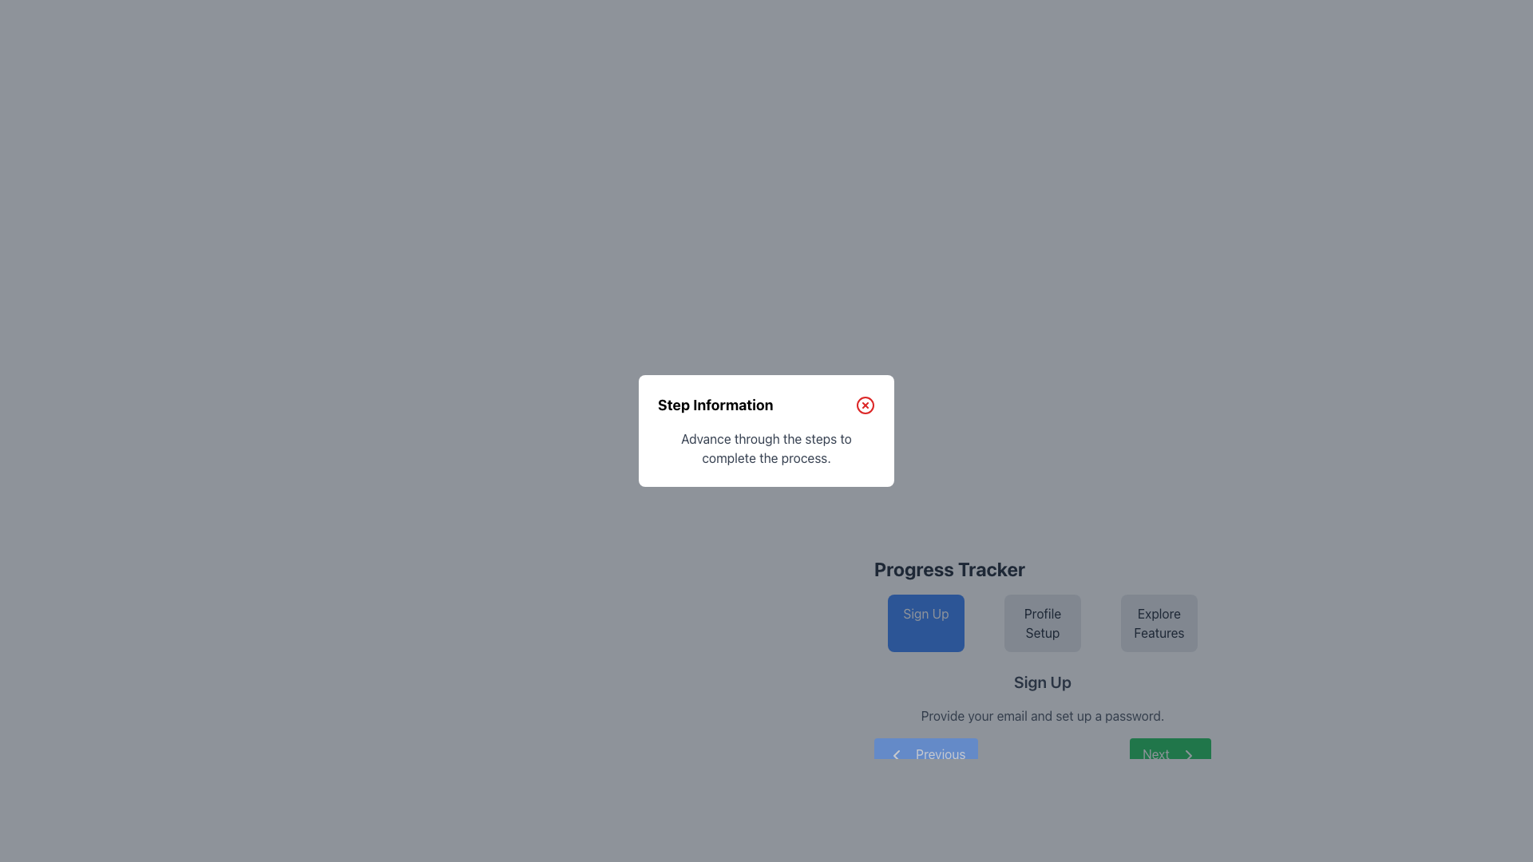  I want to click on the 'Explore Features' button, which is the third button in a horizontal group of three, so click(1159, 622).